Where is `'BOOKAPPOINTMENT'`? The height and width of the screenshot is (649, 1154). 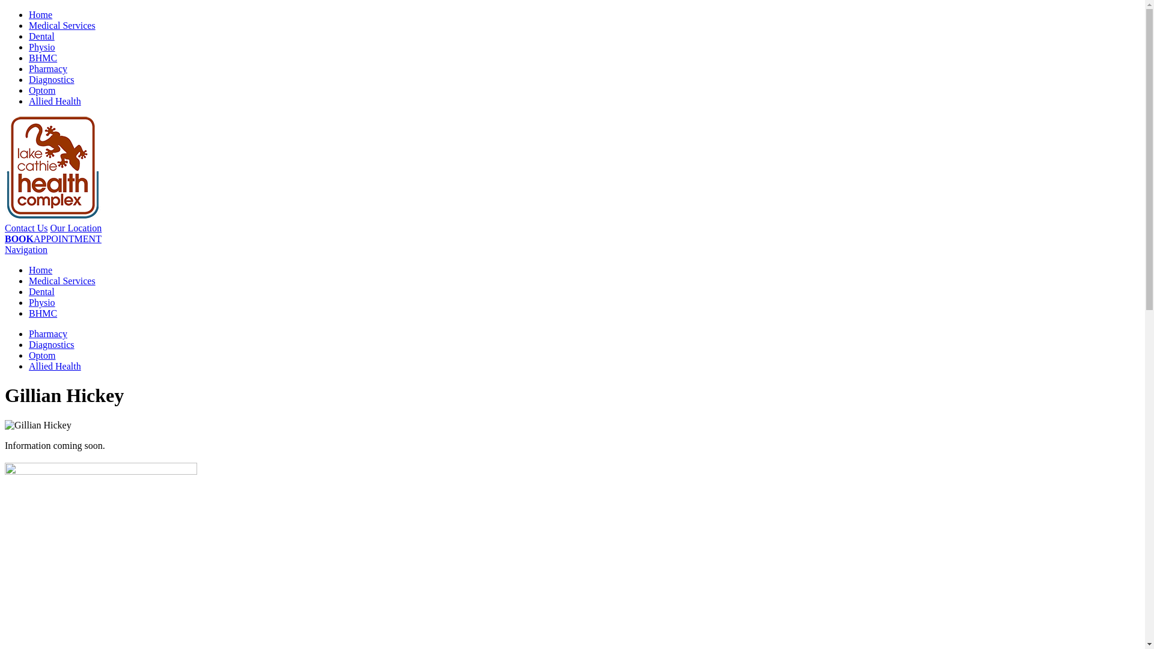
'BOOKAPPOINTMENT' is located at coordinates (5, 239).